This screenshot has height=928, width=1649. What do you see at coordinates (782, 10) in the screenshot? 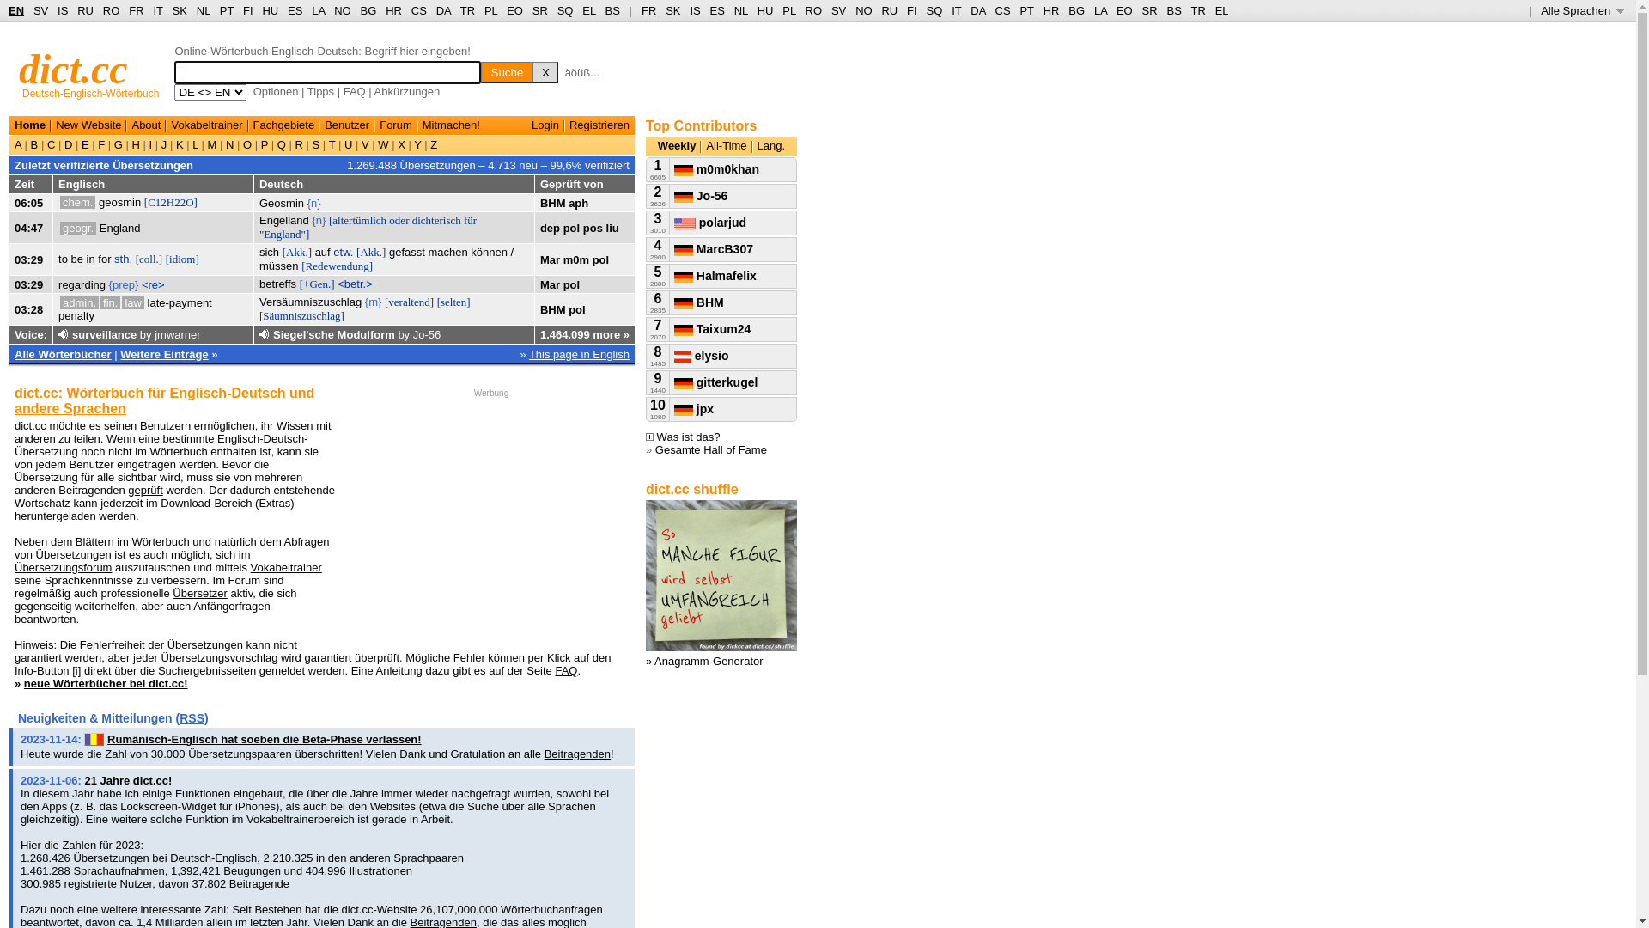
I see `'PL'` at bounding box center [782, 10].